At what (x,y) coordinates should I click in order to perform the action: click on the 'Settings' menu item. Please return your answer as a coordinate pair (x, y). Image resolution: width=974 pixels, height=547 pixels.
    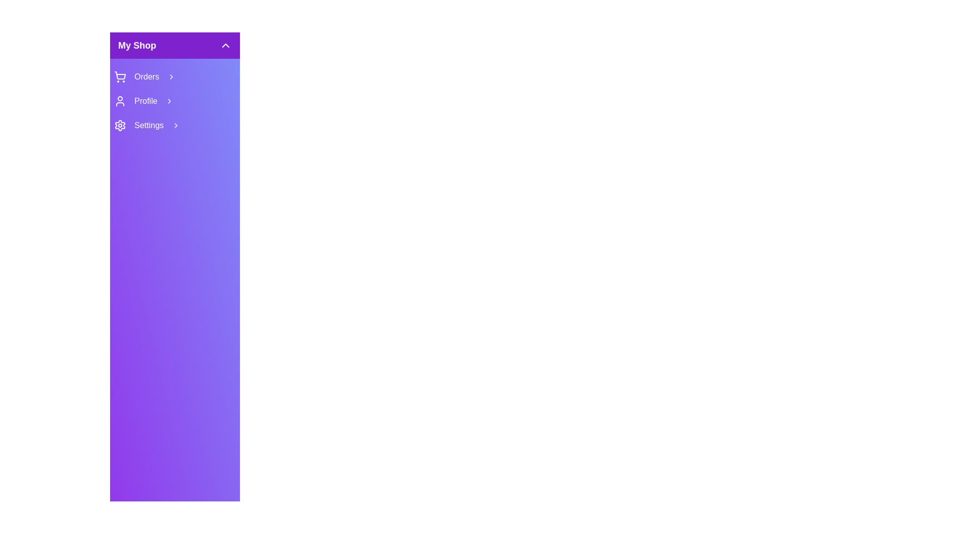
    Looking at the image, I should click on (175, 125).